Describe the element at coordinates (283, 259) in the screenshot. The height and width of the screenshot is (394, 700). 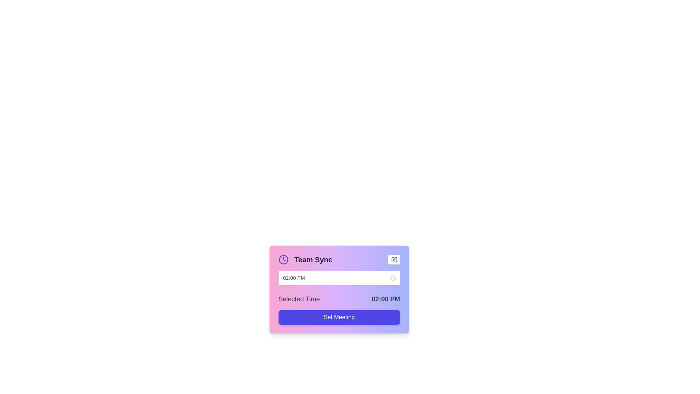
I see `the indigo clock icon located at the top-left corner of the 'Team Sync' card` at that location.